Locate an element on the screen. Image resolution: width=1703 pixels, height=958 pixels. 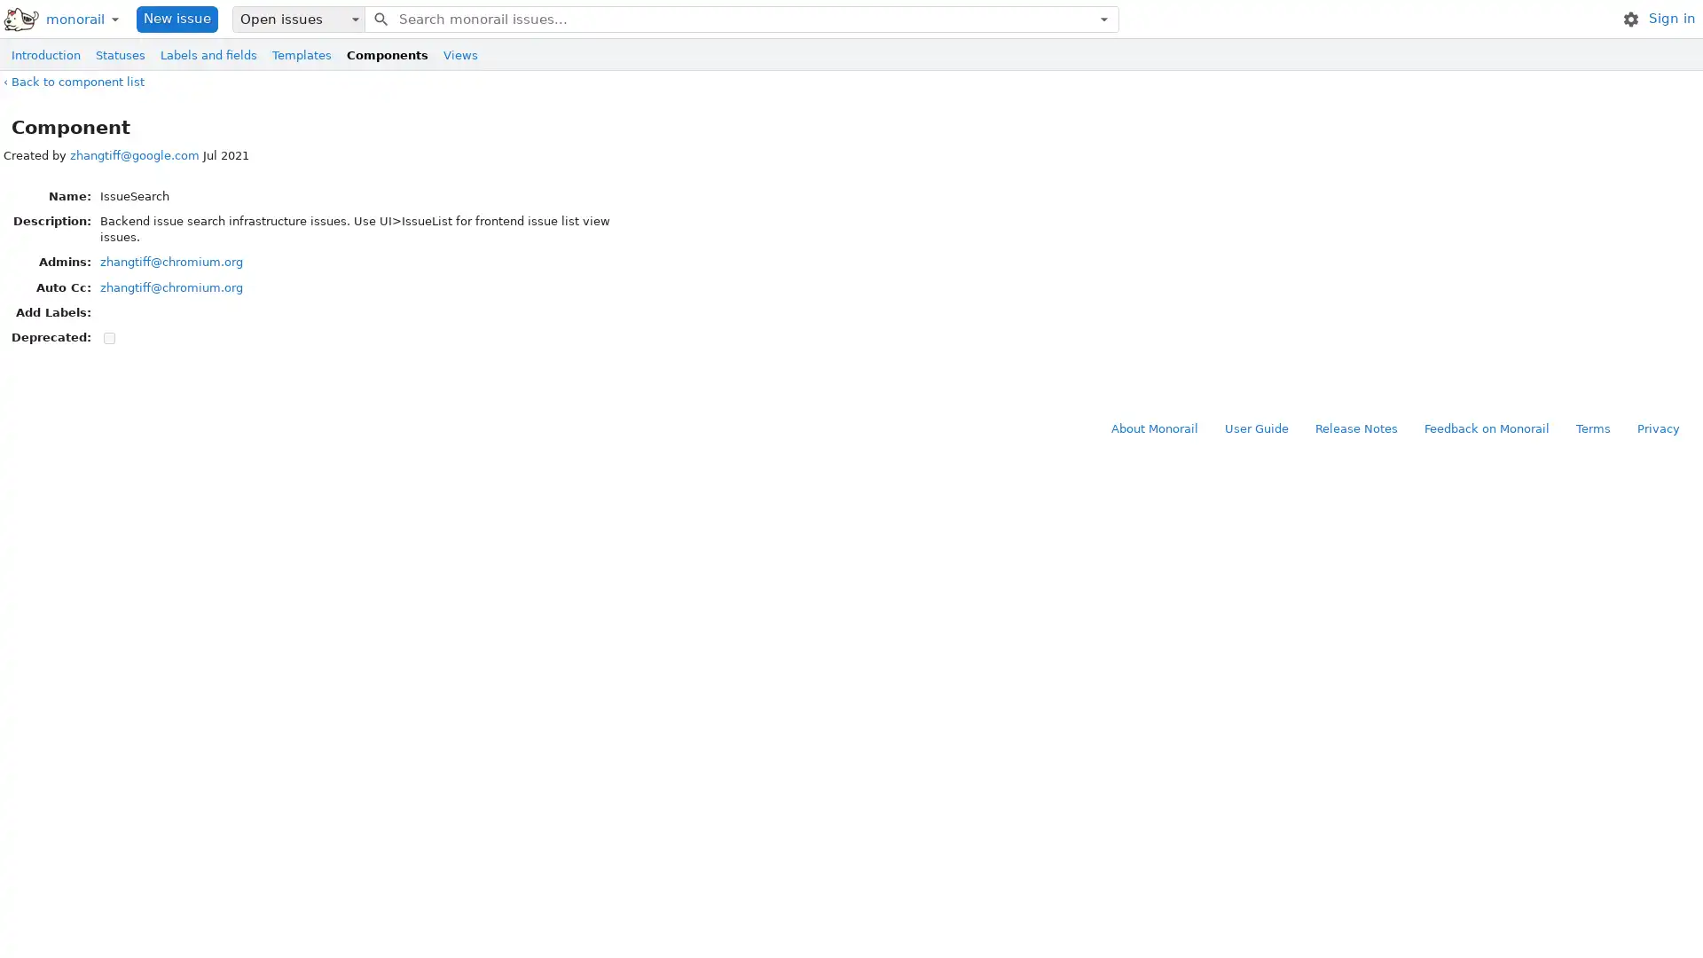
Search options is located at coordinates (1103, 18).